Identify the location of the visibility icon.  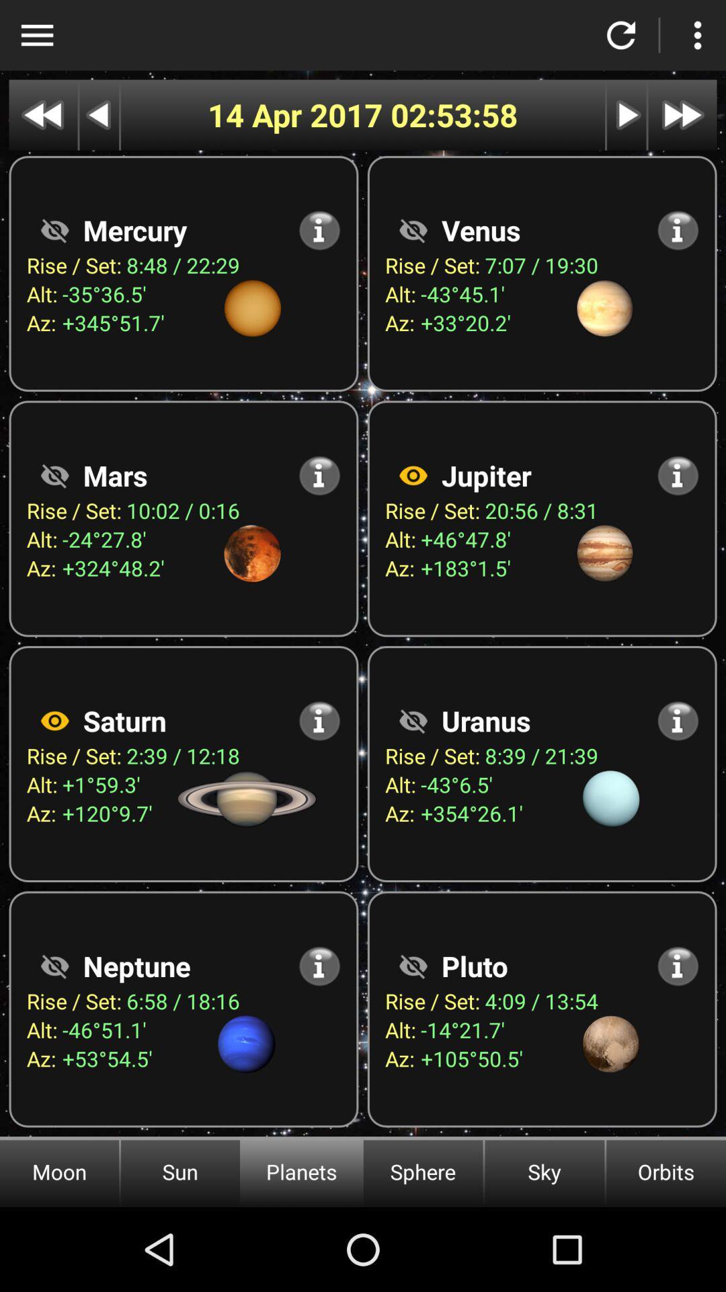
(412, 230).